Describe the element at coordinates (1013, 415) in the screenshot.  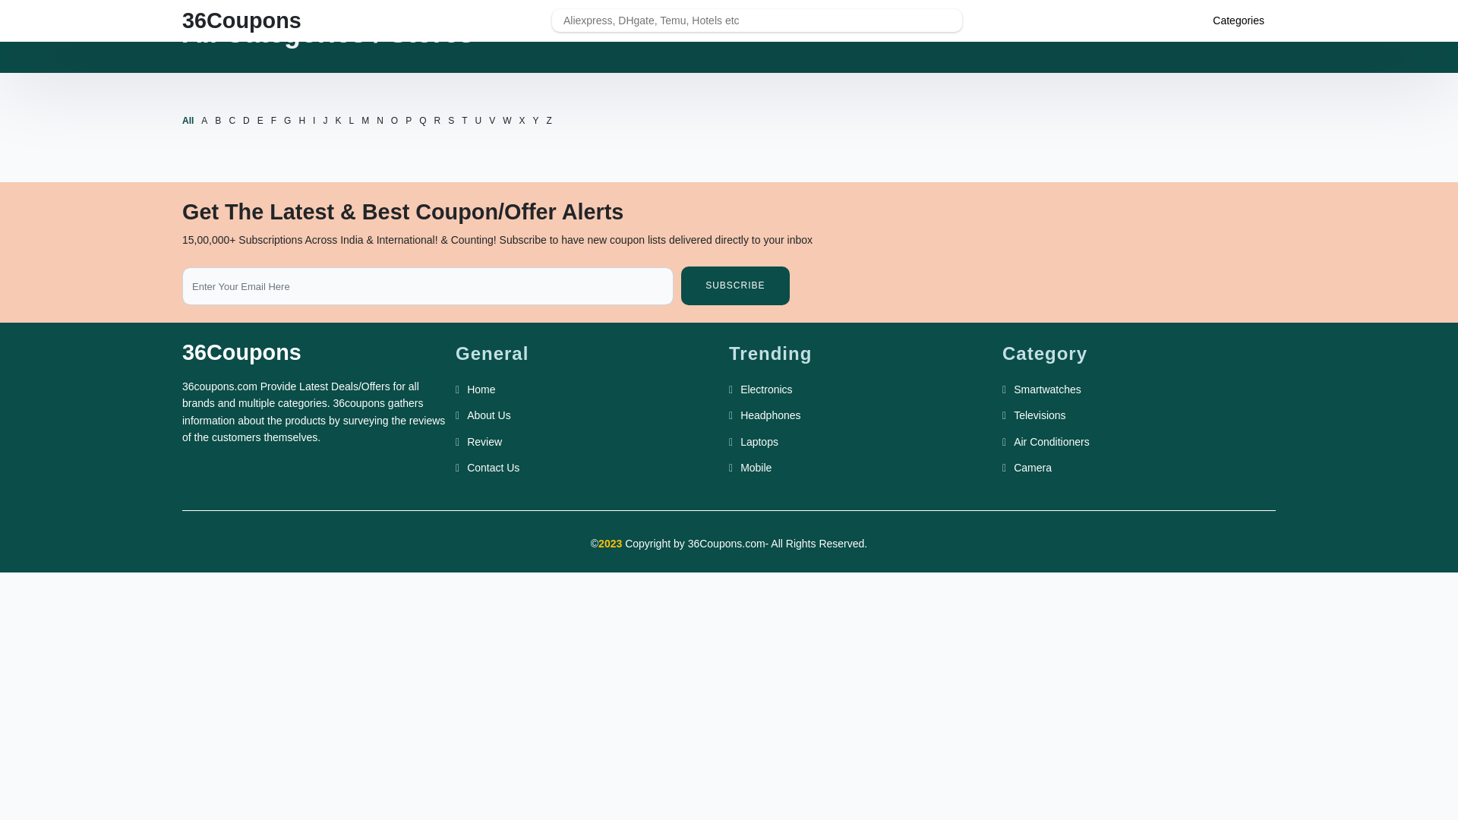
I see `'Televisions'` at that location.